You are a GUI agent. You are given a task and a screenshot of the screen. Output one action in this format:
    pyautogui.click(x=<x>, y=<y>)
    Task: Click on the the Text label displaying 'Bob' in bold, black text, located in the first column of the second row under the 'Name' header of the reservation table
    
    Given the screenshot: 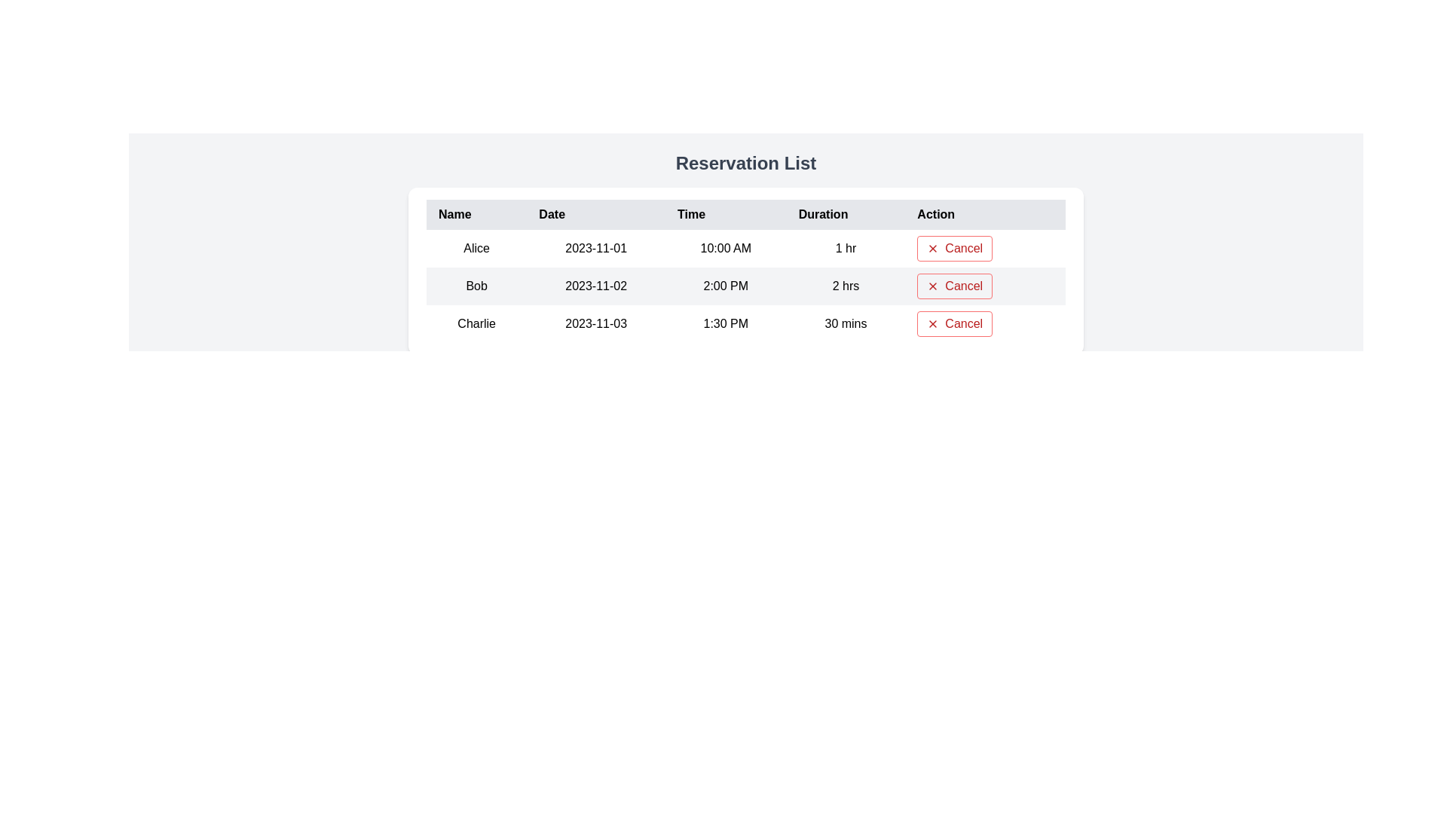 What is the action you would take?
    pyautogui.click(x=476, y=286)
    